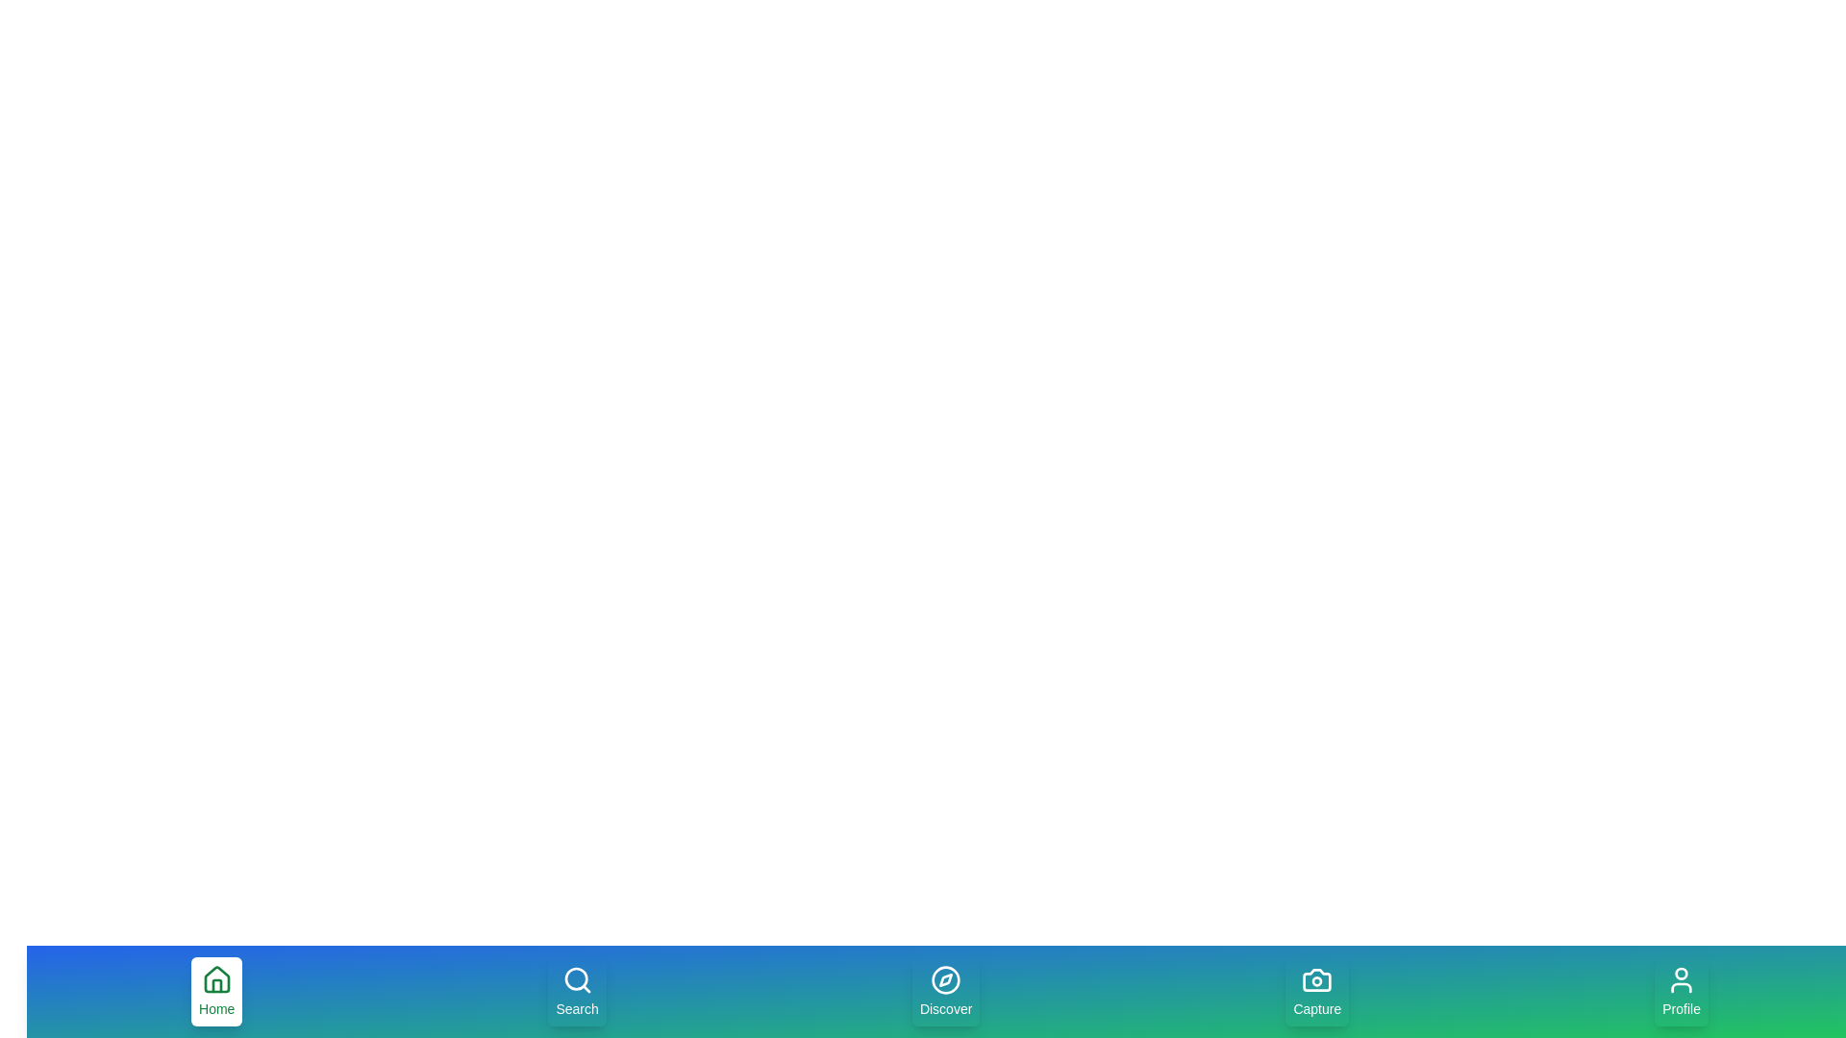 This screenshot has height=1038, width=1846. I want to click on the Discover tab to navigate to its section, so click(945, 992).